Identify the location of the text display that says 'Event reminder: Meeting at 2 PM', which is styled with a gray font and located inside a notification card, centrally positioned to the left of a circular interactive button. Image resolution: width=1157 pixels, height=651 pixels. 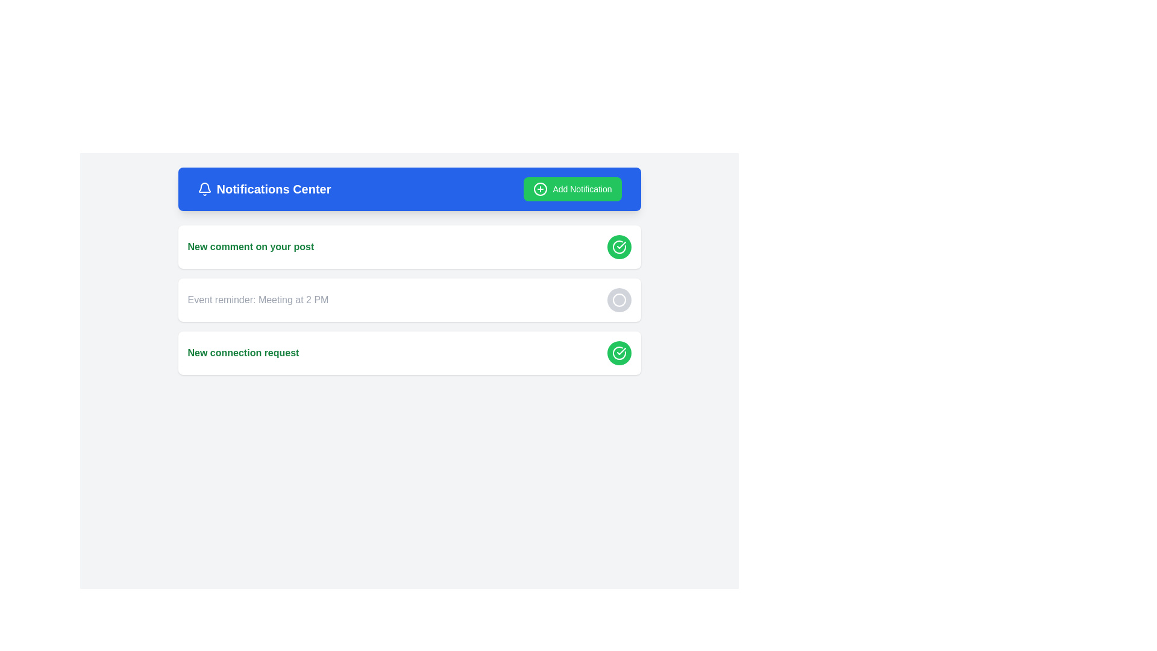
(257, 299).